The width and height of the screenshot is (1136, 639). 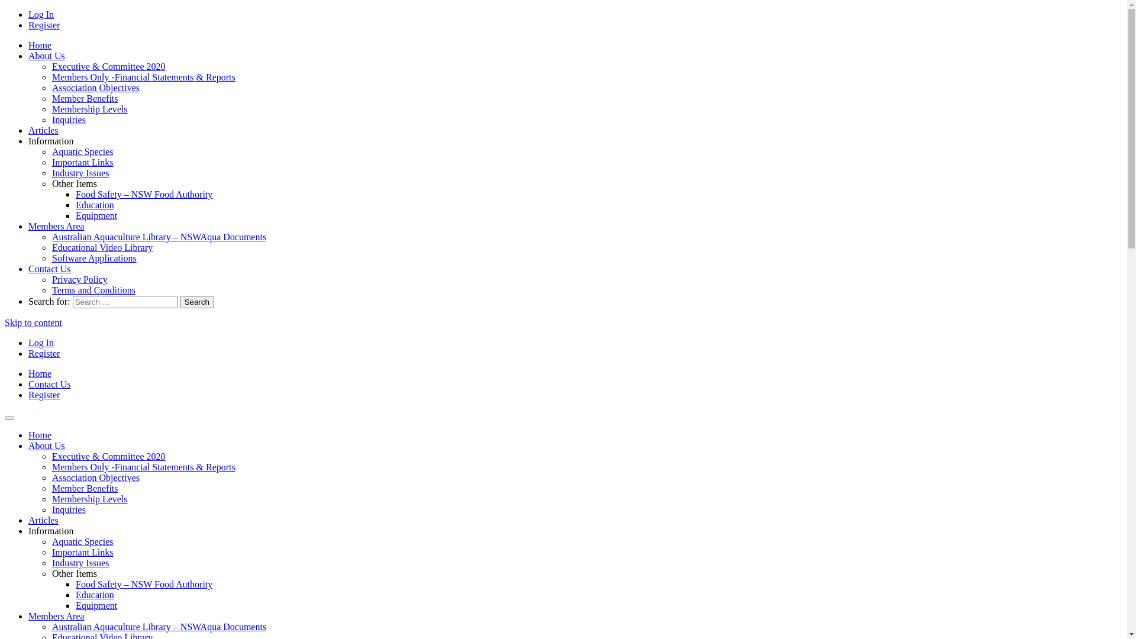 What do you see at coordinates (28, 25) in the screenshot?
I see `'Register'` at bounding box center [28, 25].